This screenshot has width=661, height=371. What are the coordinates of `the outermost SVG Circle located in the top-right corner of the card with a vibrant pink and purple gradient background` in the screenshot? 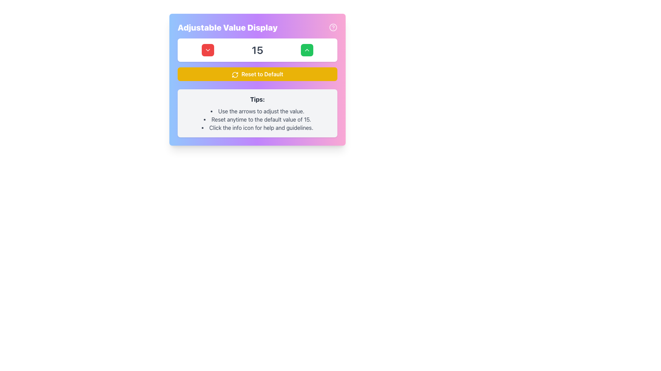 It's located at (333, 27).